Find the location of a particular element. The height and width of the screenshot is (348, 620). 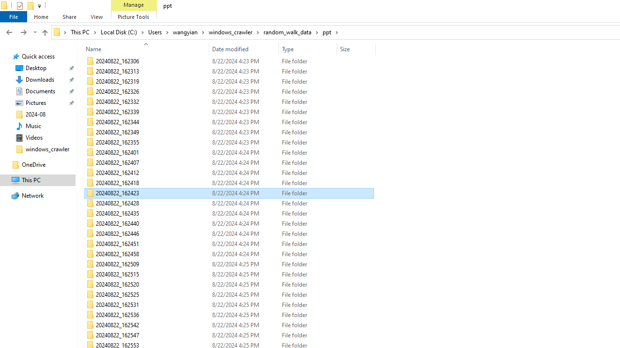

'20240822_162525' is located at coordinates (228, 294).